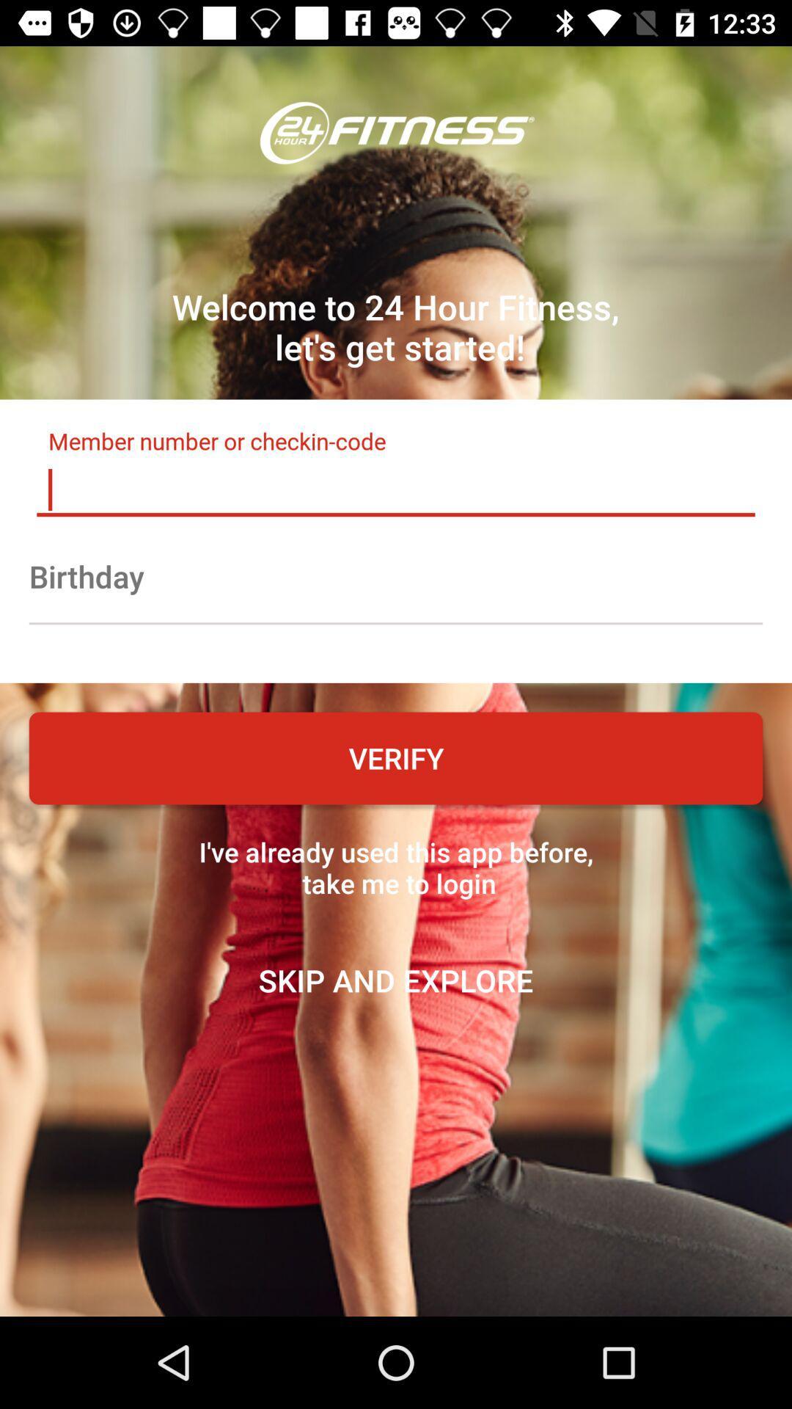 The width and height of the screenshot is (792, 1409). I want to click on type member number, so click(396, 489).